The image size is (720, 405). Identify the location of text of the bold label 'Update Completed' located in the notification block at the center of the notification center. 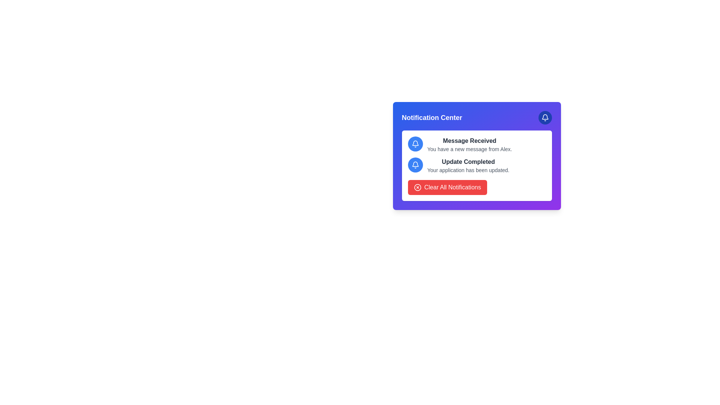
(468, 162).